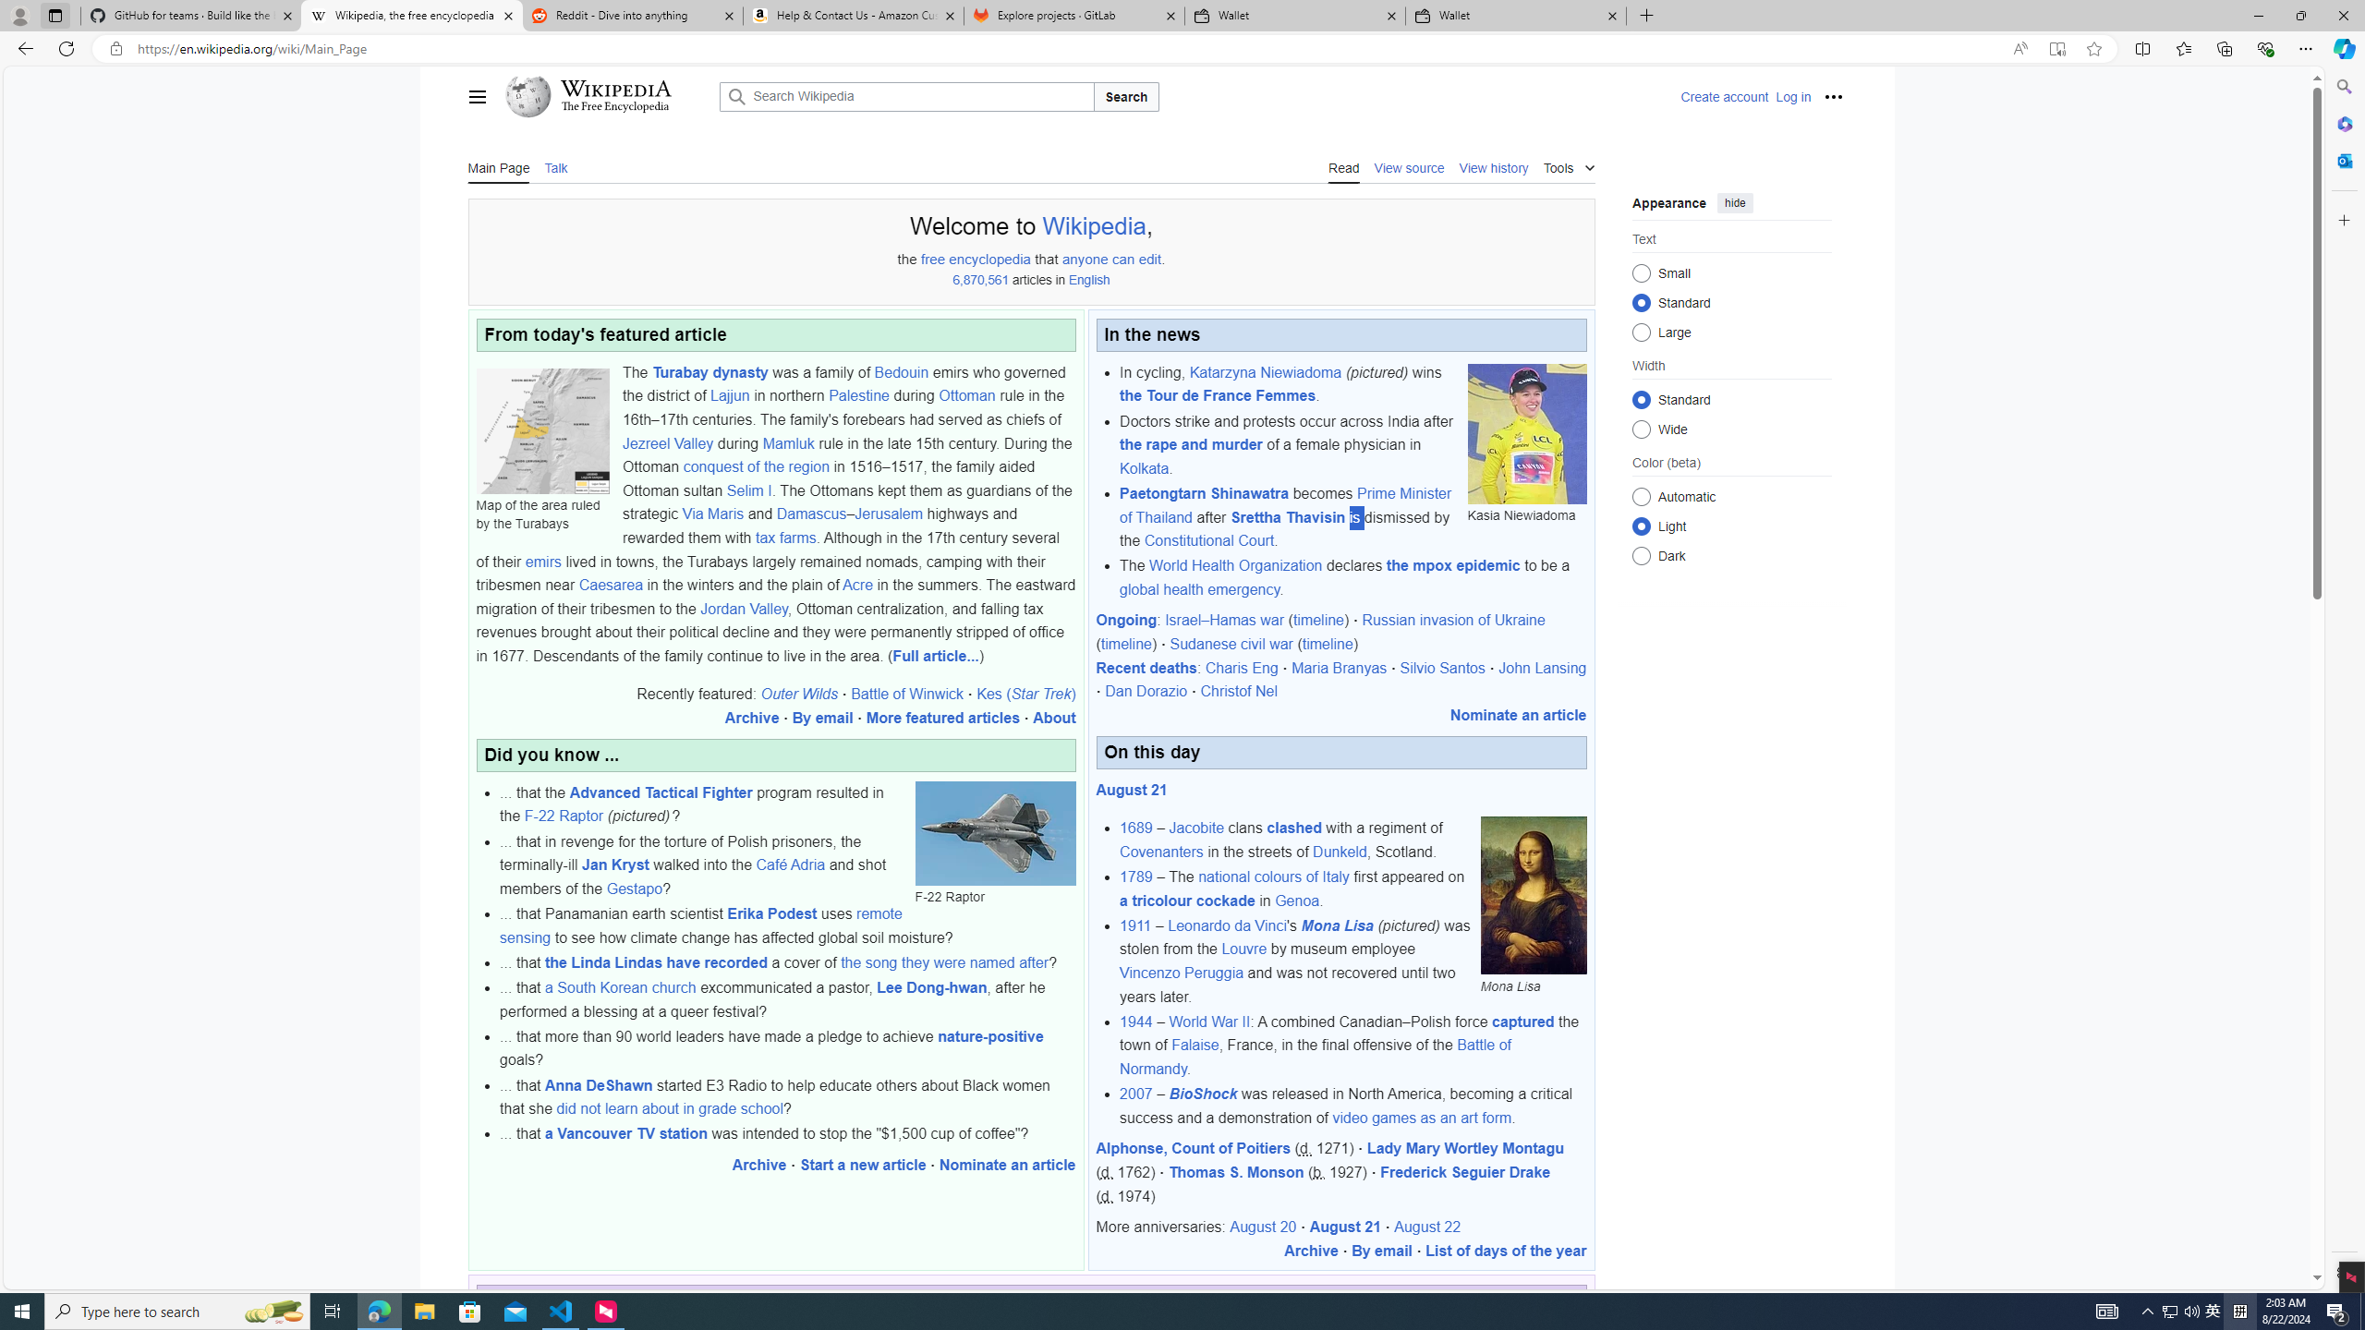  I want to click on 'Wikipedia The Free Encyclopedia', so click(606, 96).